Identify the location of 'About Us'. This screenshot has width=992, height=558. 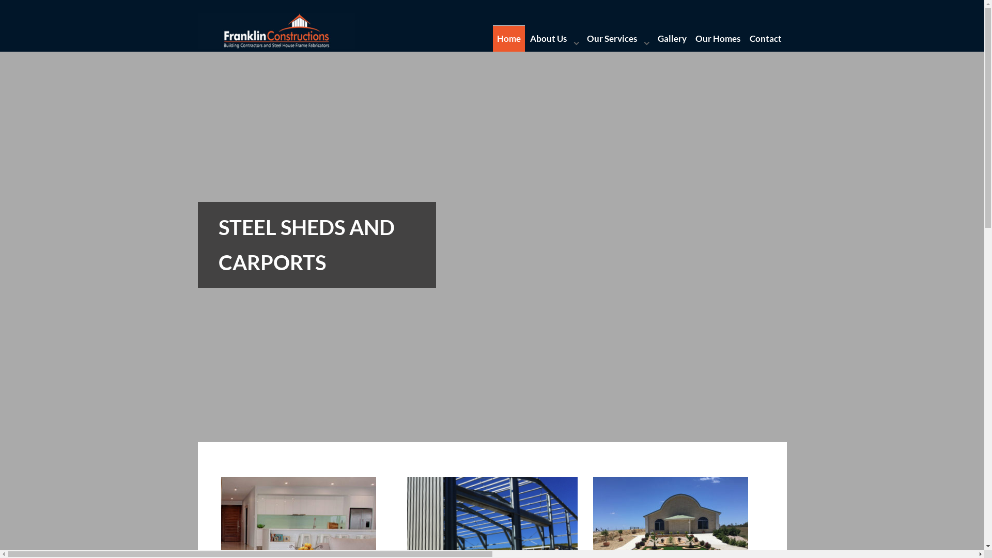
(553, 38).